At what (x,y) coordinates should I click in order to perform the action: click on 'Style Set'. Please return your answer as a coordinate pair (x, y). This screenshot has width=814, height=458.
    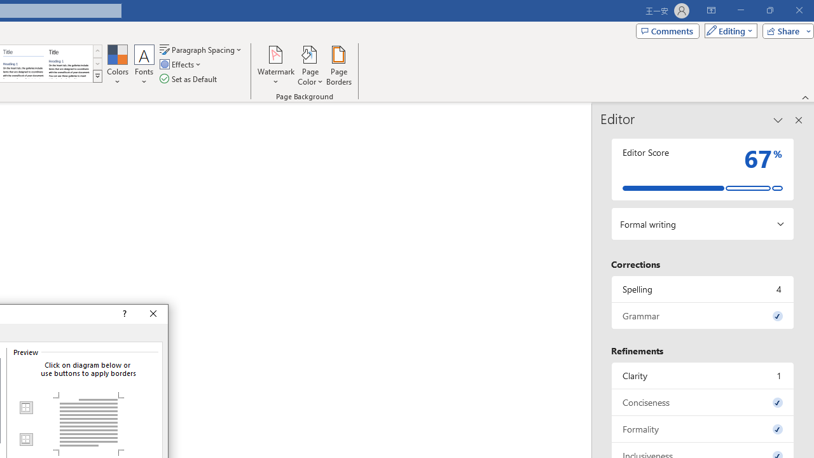
    Looking at the image, I should click on (97, 76).